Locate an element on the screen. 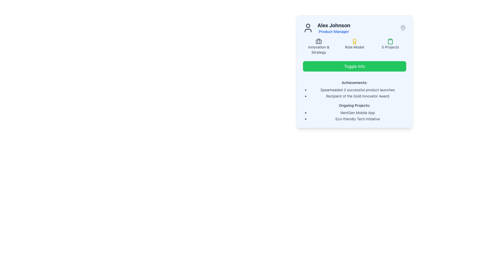 Image resolution: width=498 pixels, height=280 pixels. the user profile icon located at the top-left section of the profile card, next to the name 'Alex Johnson' and role 'Product Manager' is located at coordinates (308, 28).